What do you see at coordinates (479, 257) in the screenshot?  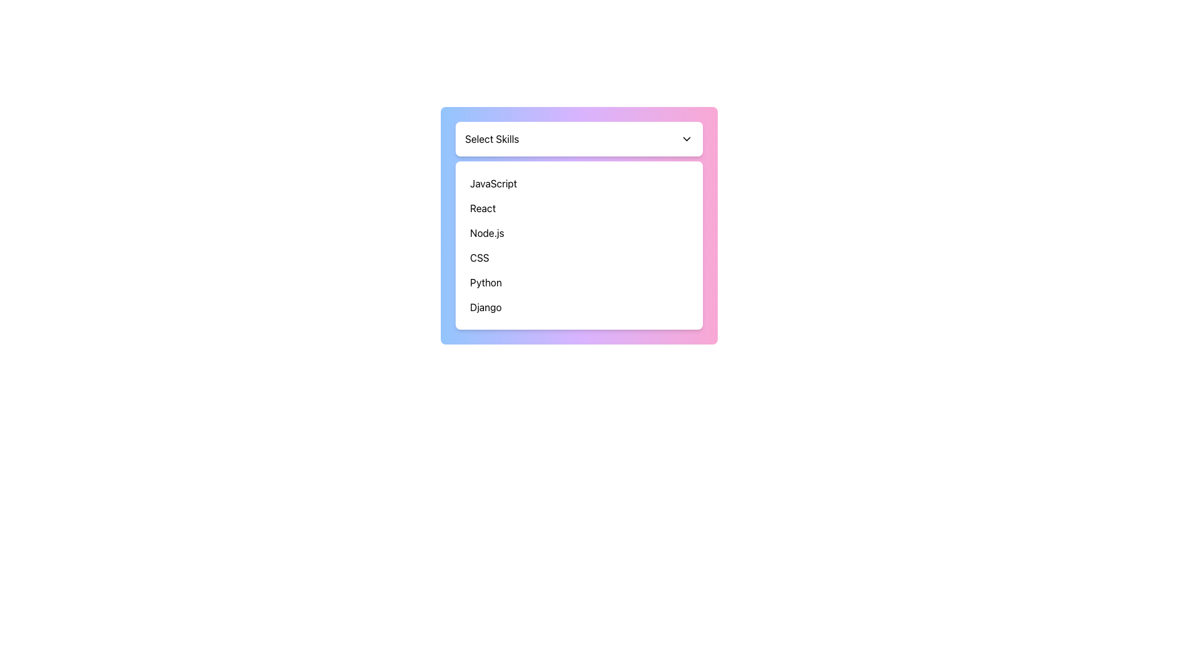 I see `the 'CSS' text label in the dropdown menu, which is the fourth entry in a vertical list under 'Select Skills'` at bounding box center [479, 257].